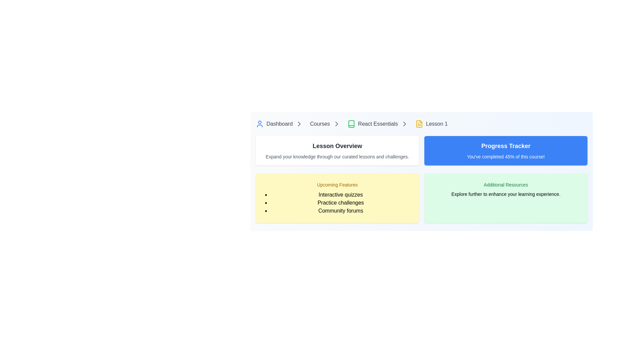 The width and height of the screenshot is (642, 361). I want to click on the text label 'Community forums' which is the third item in the bullet list under the 'Upcoming Features' section, highlighted in yellow, so click(340, 211).